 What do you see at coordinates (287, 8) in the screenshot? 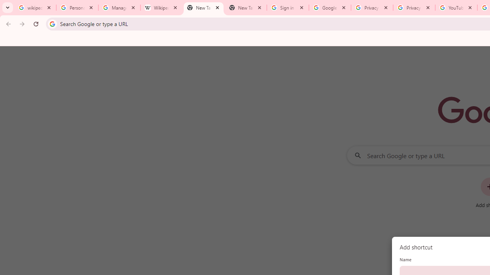
I see `'Sign in - Google Accounts'` at bounding box center [287, 8].